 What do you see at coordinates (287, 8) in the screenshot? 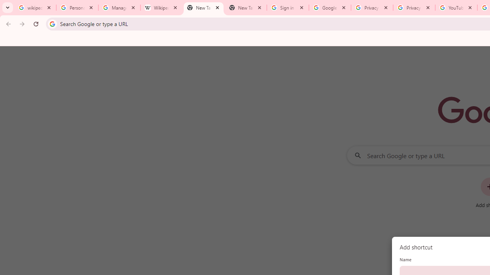
I see `'Sign in - Google Accounts'` at bounding box center [287, 8].